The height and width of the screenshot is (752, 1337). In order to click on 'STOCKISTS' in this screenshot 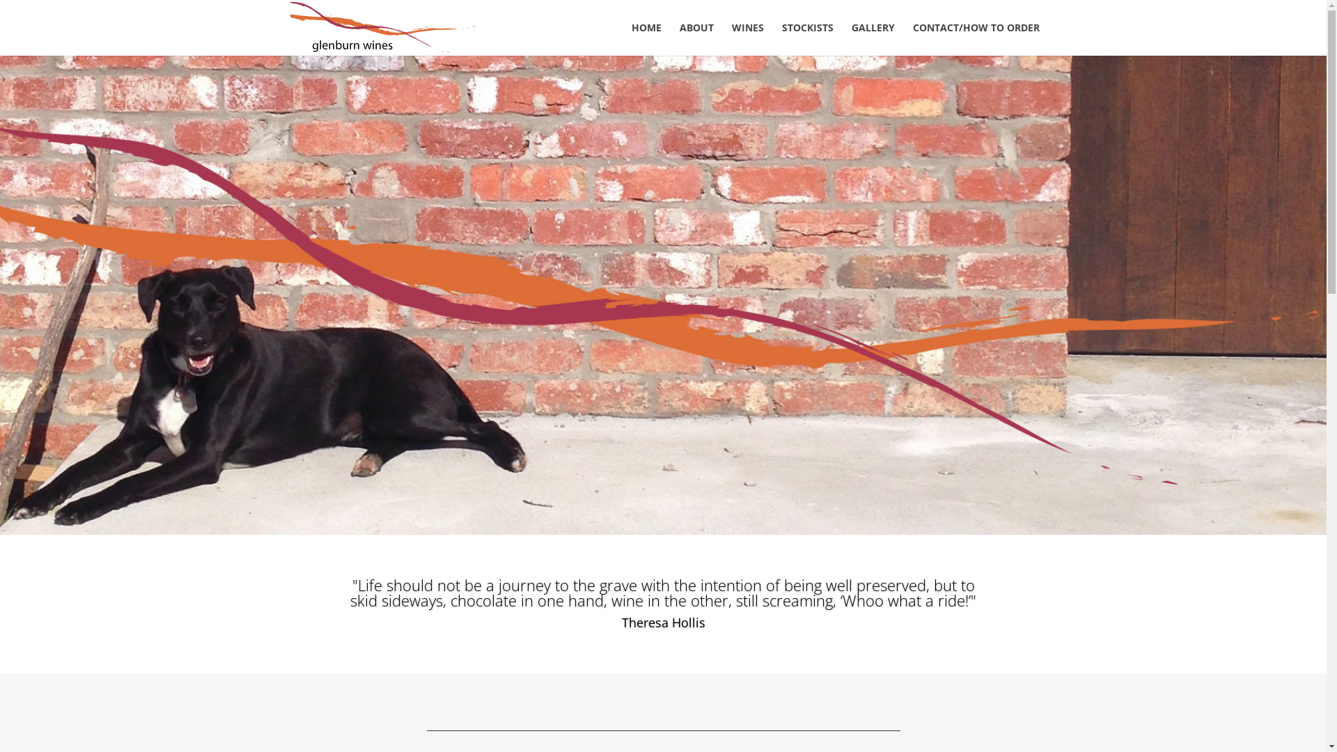, I will do `click(806, 38)`.